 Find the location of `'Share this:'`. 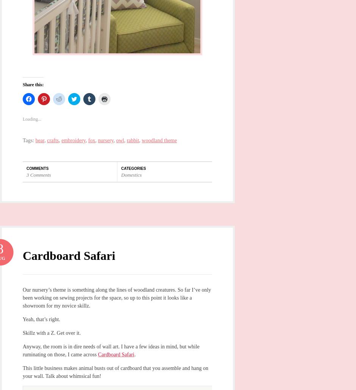

'Share this:' is located at coordinates (22, 84).